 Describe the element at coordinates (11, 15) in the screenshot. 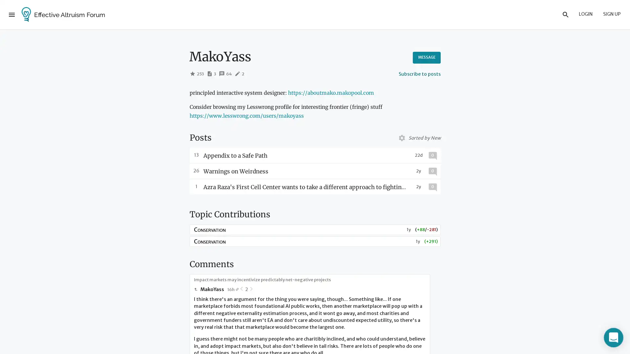

I see `Menu` at that location.